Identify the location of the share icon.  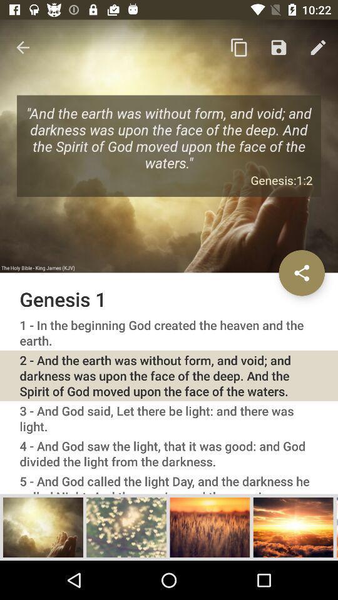
(301, 272).